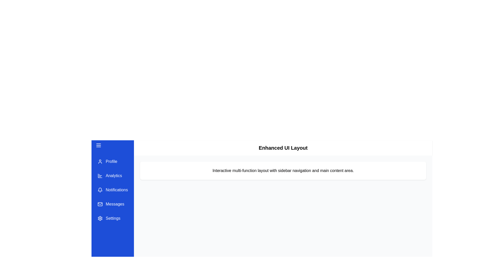 The height and width of the screenshot is (274, 488). I want to click on the bell icon located in the left-side vertical blue navigation bar, which is adjacent to the 'Notifications' label and is the third icon in the sequence, so click(100, 190).